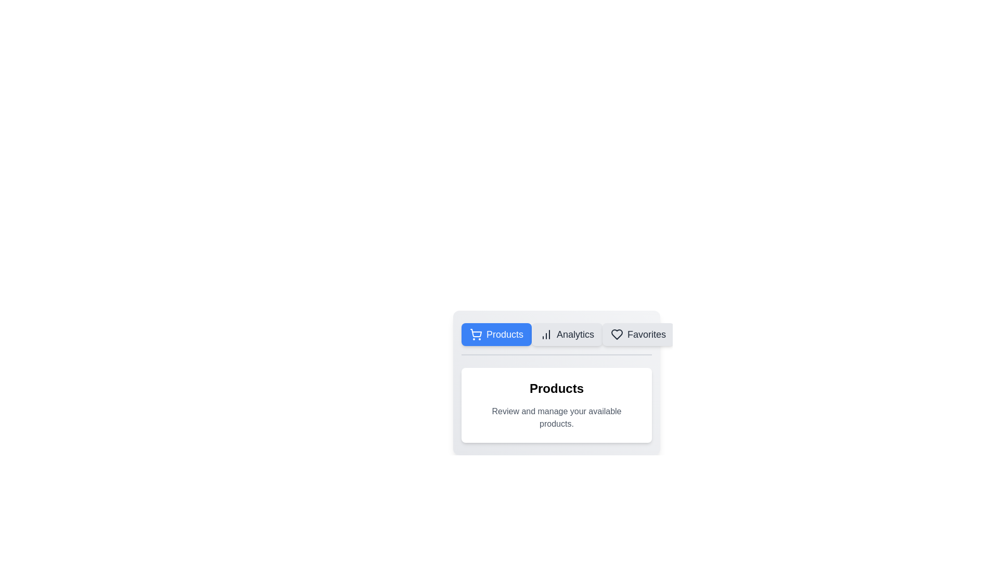 Image resolution: width=999 pixels, height=562 pixels. I want to click on the second button in the horizontal navigation bar, located between the 'Products' button and the 'Favorites' button, so click(566, 335).